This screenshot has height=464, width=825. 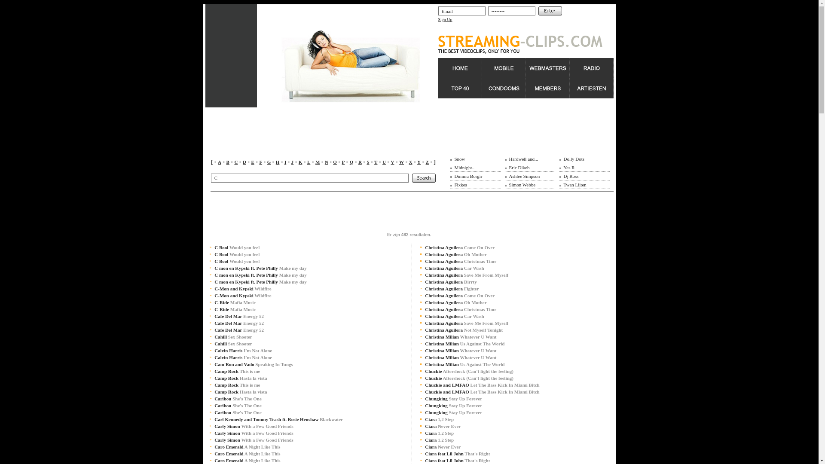 I want to click on 'T', so click(x=376, y=162).